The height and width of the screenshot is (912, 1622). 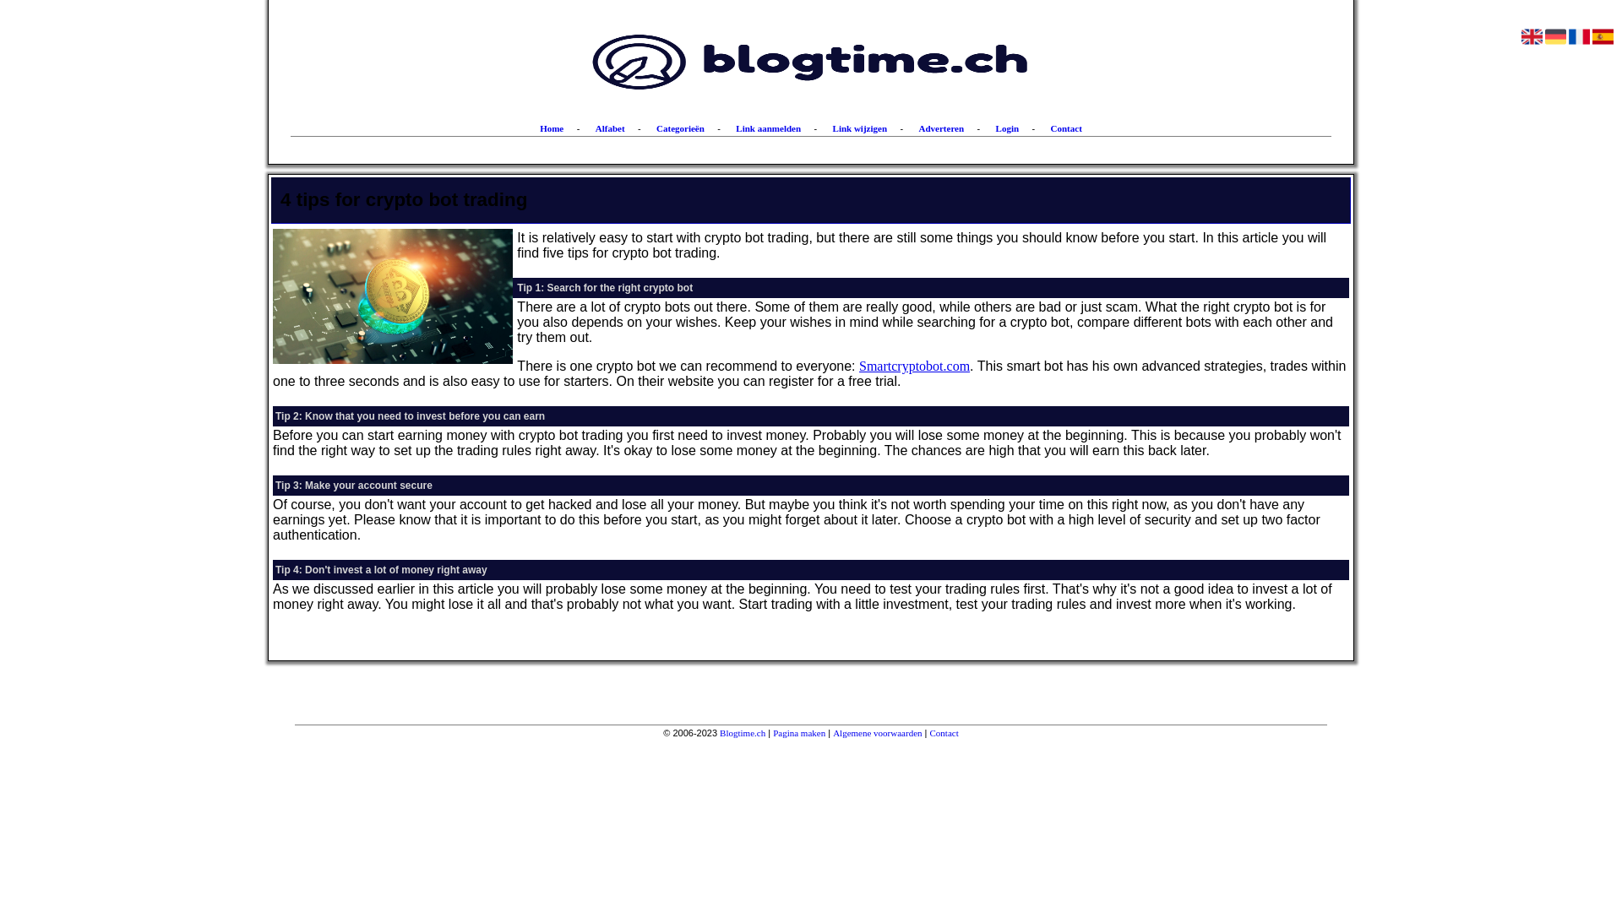 I want to click on 'Algemene voorwaarden', so click(x=877, y=731).